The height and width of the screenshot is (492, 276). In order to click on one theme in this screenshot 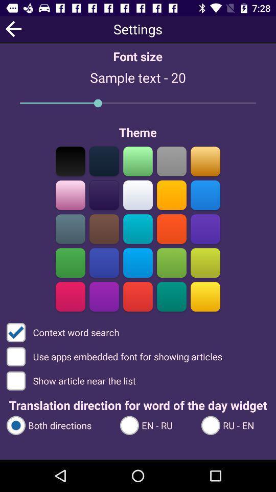, I will do `click(70, 195)`.